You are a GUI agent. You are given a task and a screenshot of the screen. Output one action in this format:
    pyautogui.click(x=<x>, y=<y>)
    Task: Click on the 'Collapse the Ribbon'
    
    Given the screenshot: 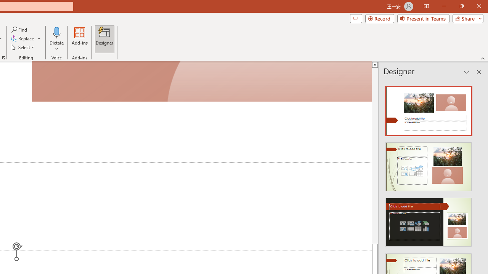 What is the action you would take?
    pyautogui.click(x=483, y=58)
    